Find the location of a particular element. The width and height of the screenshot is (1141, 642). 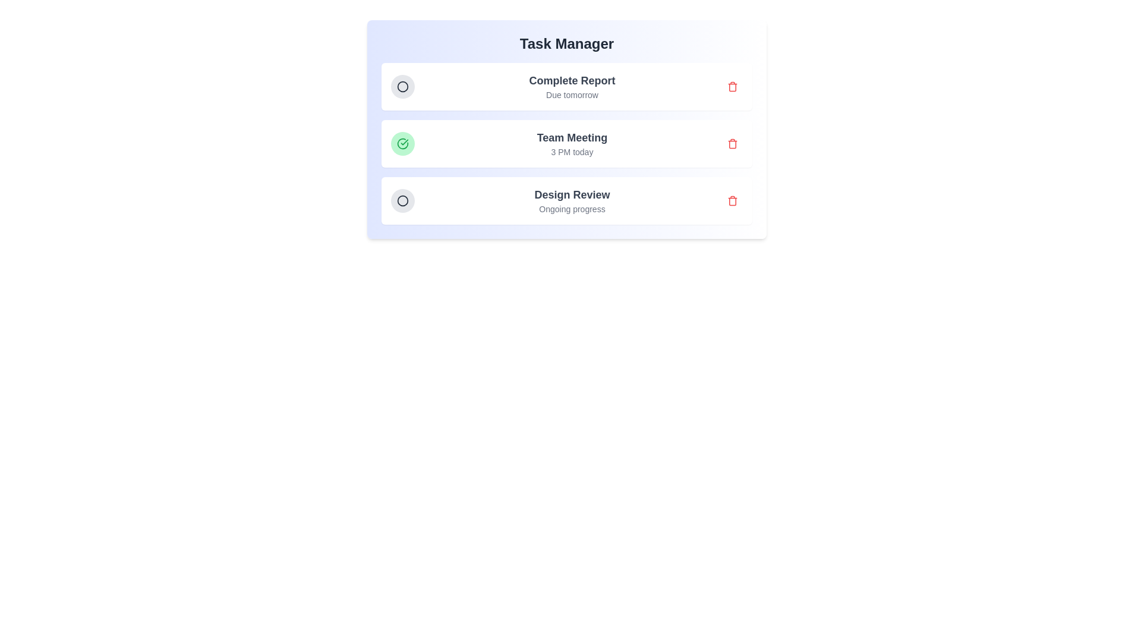

the text block titled 'Design Review' with the subtitle 'Ongoing progress' in the task manager is located at coordinates (572, 200).